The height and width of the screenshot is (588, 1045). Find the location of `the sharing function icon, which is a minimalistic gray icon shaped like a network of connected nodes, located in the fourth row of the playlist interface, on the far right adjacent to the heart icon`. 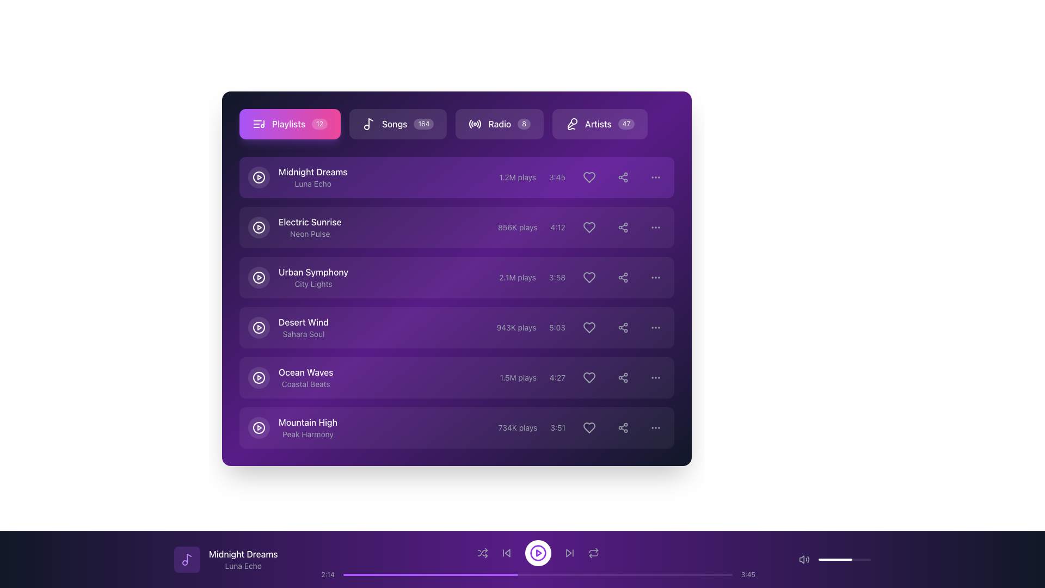

the sharing function icon, which is a minimalistic gray icon shaped like a network of connected nodes, located in the fourth row of the playlist interface, on the far right adjacent to the heart icon is located at coordinates (623, 377).